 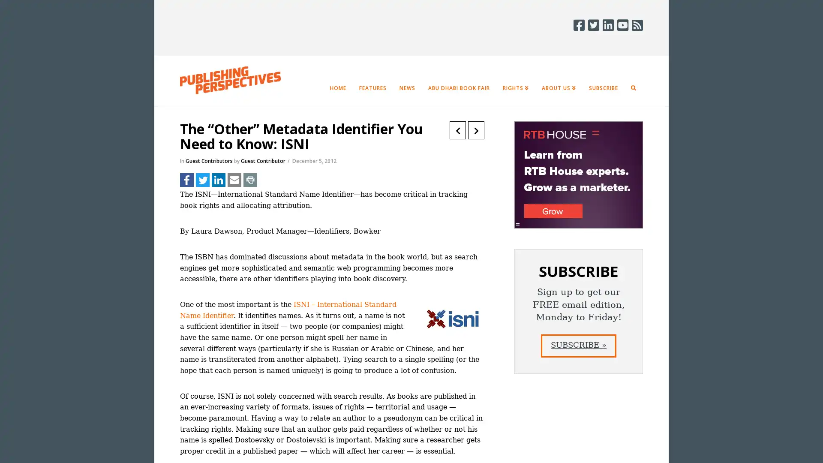 I want to click on Share to Twitter, so click(x=202, y=180).